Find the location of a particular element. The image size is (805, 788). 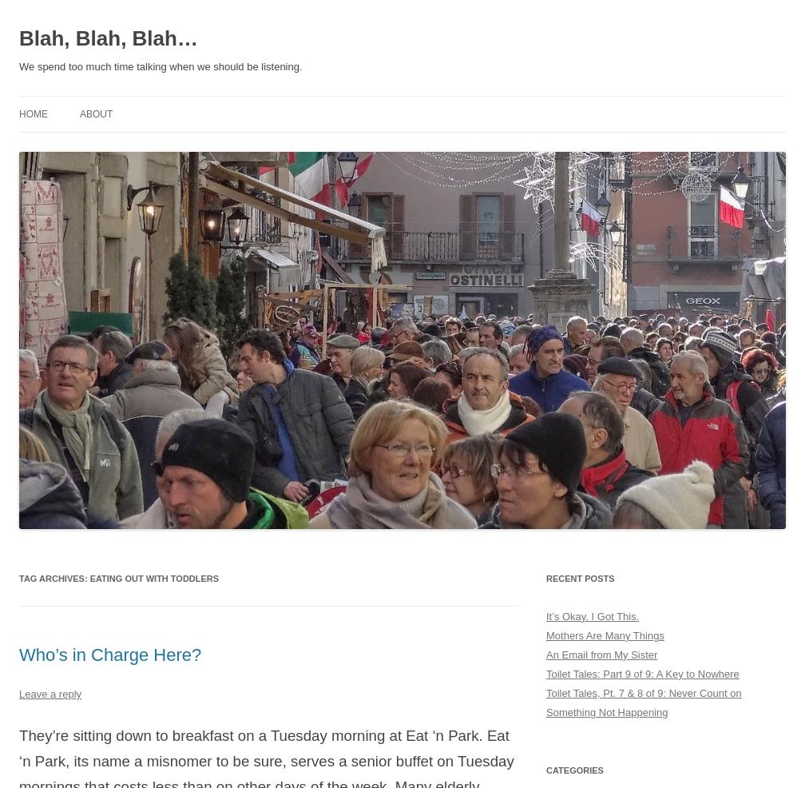

'Toilet Tales: Part 9 of 9: A Key to Nowhere' is located at coordinates (642, 672).